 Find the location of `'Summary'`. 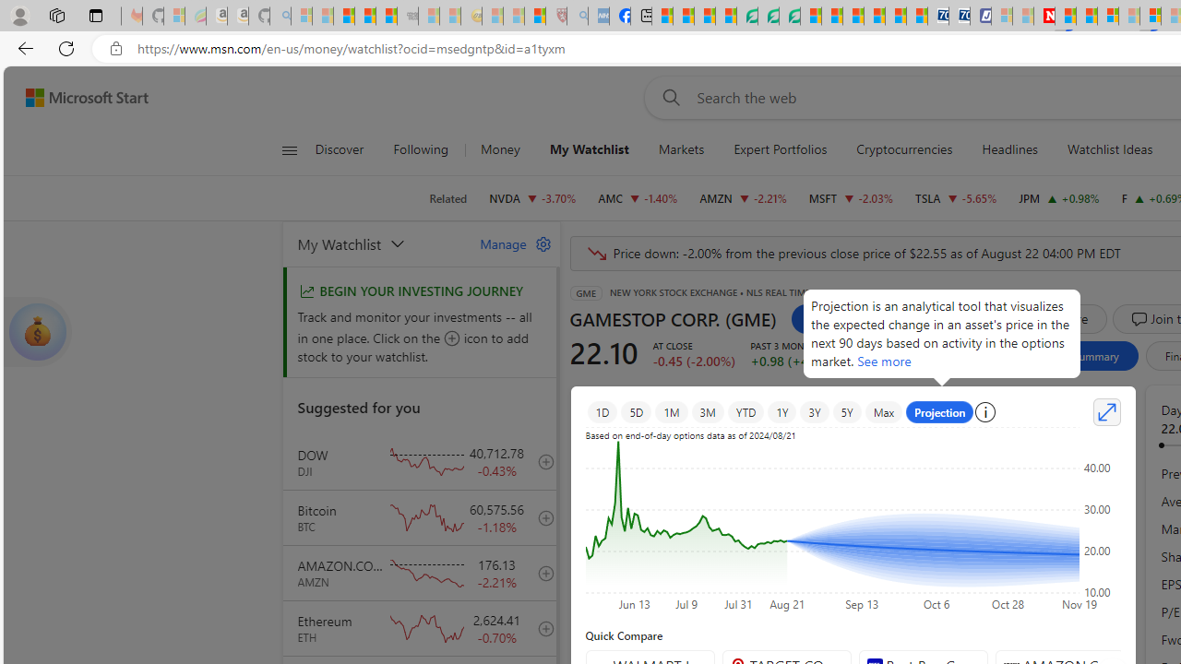

'Summary' is located at coordinates (1095, 355).